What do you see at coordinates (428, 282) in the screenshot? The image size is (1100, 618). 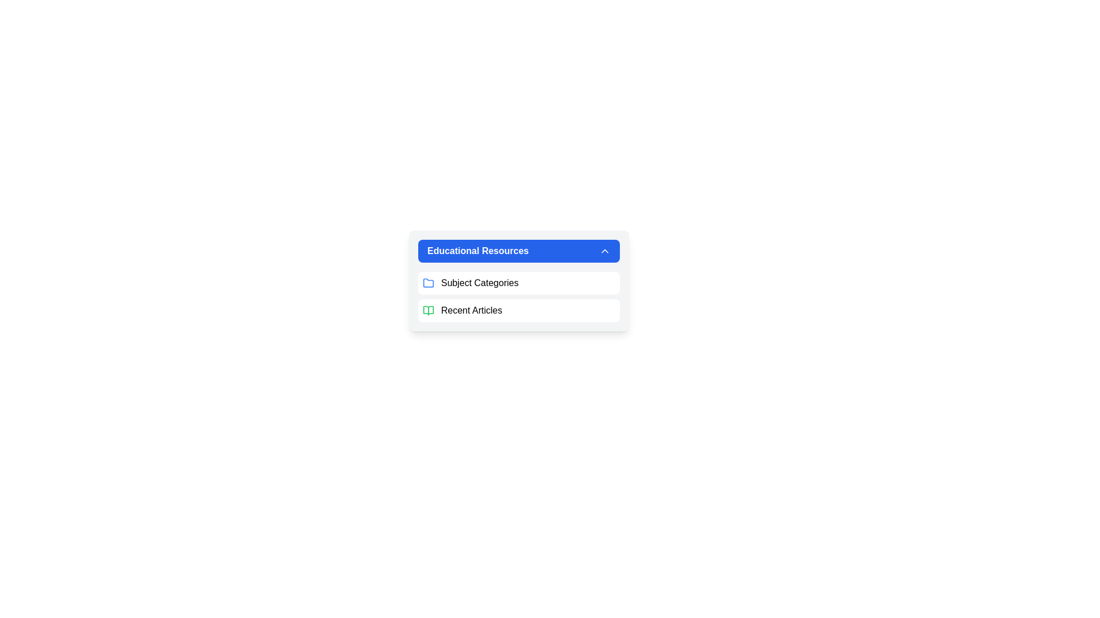 I see `the folder-shaped icon used to denote file storage or directories, which is located near the blue button labeled 'Educational Resources'` at bounding box center [428, 282].